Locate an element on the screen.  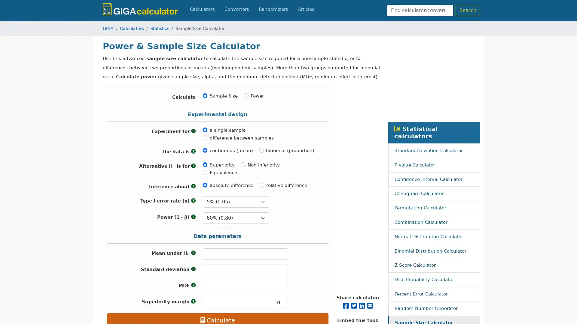
Help: The data is is located at coordinates (193, 151).